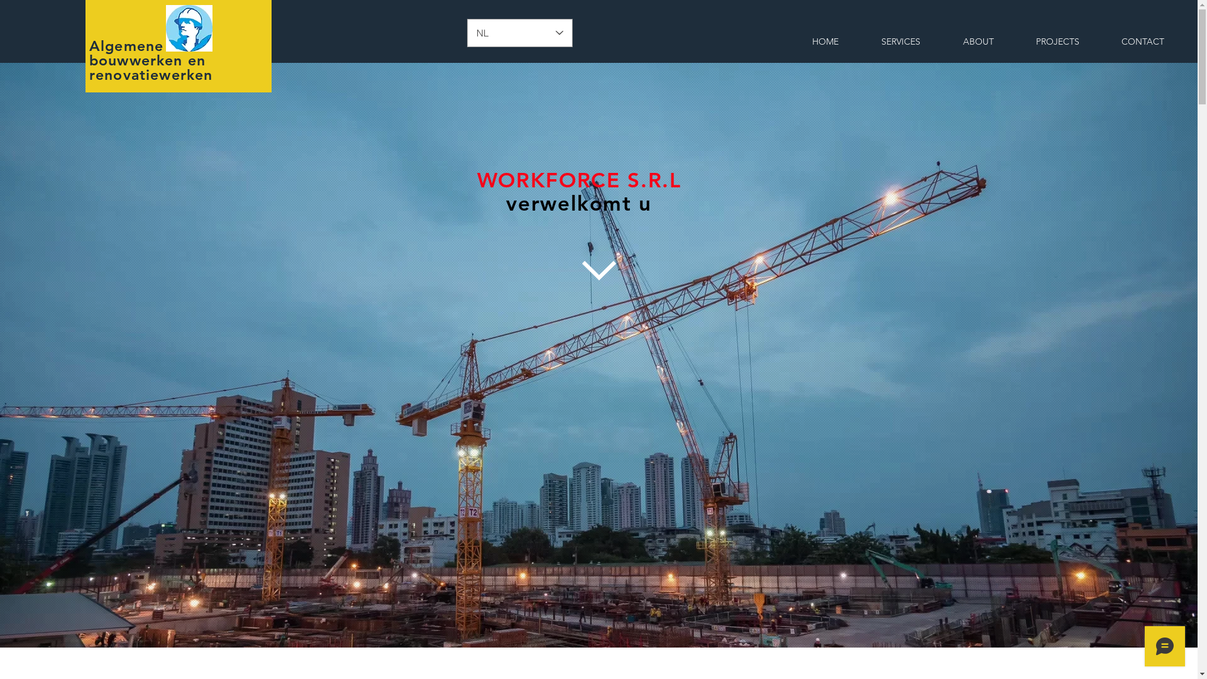  I want to click on 'HOME', so click(825, 41).